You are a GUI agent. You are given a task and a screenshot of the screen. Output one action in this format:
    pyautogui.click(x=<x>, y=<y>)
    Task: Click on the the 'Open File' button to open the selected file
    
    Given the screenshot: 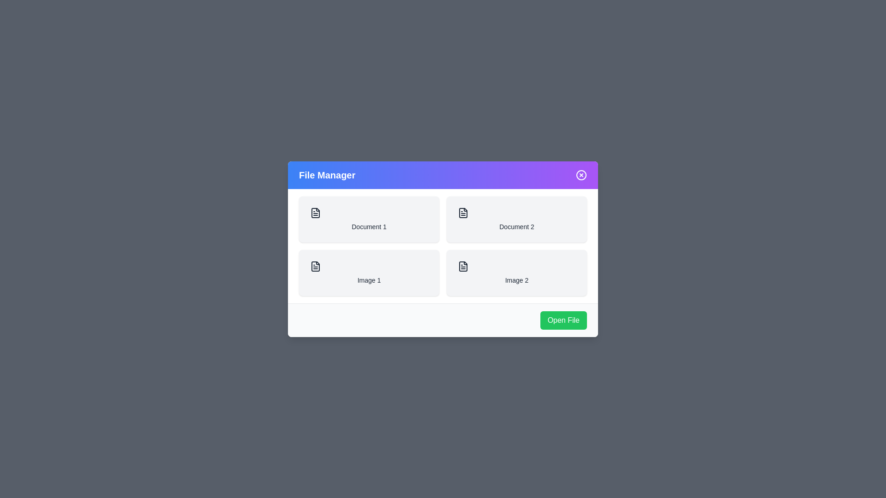 What is the action you would take?
    pyautogui.click(x=563, y=320)
    